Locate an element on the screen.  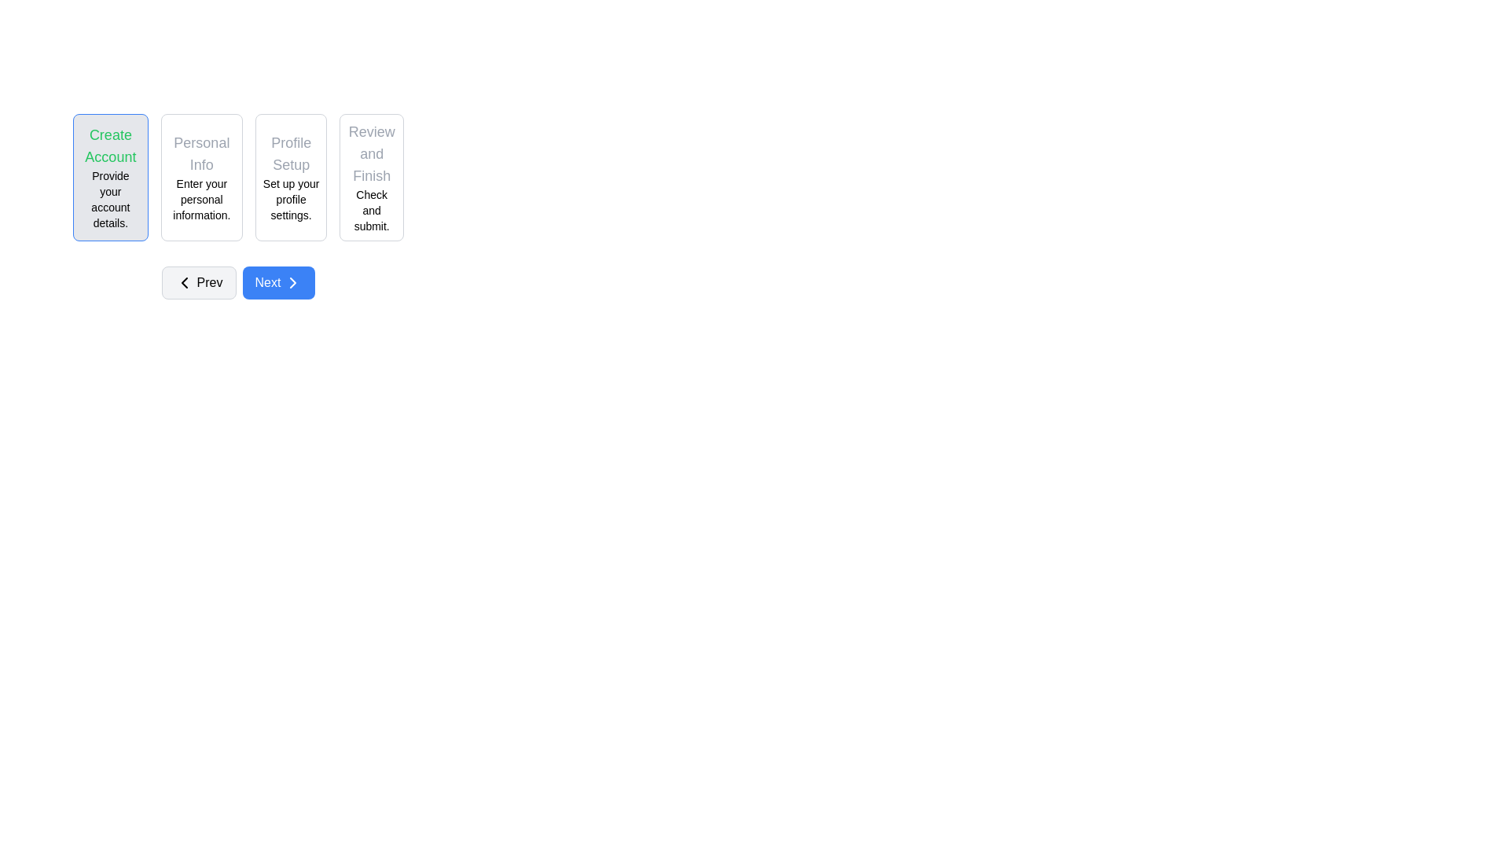
the informative text label located below the 'Create Account' text in the leftmost section of the horizontally aligned row of cards is located at coordinates (109, 199).